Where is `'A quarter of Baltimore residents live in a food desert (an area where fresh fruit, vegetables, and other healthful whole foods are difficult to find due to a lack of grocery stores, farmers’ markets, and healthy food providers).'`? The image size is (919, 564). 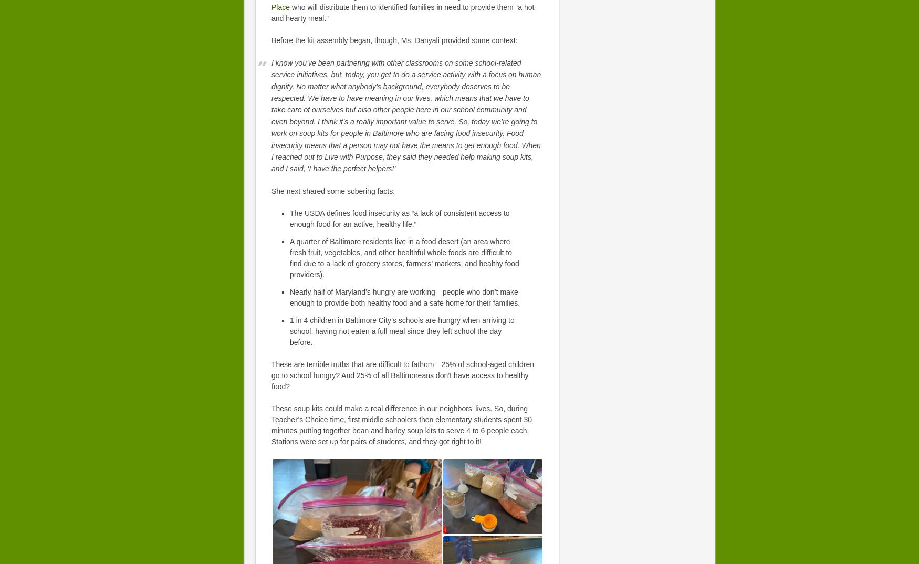 'A quarter of Baltimore residents live in a food desert (an area where fresh fruit, vegetables, and other healthful whole foods are difficult to find due to a lack of grocery stores, farmers’ markets, and healthy food providers).' is located at coordinates (404, 257).